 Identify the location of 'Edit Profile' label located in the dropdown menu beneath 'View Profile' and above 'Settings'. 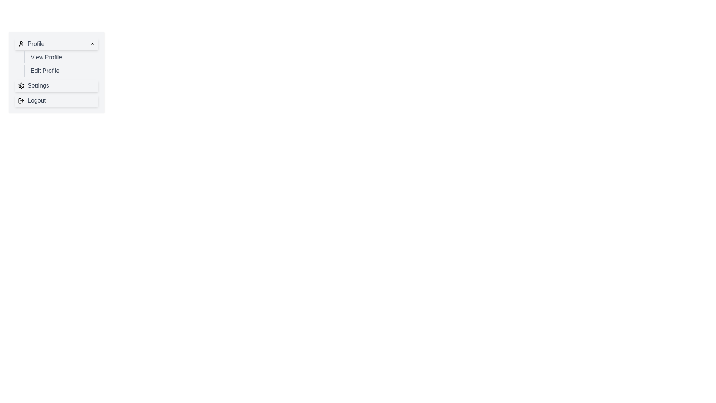
(44, 71).